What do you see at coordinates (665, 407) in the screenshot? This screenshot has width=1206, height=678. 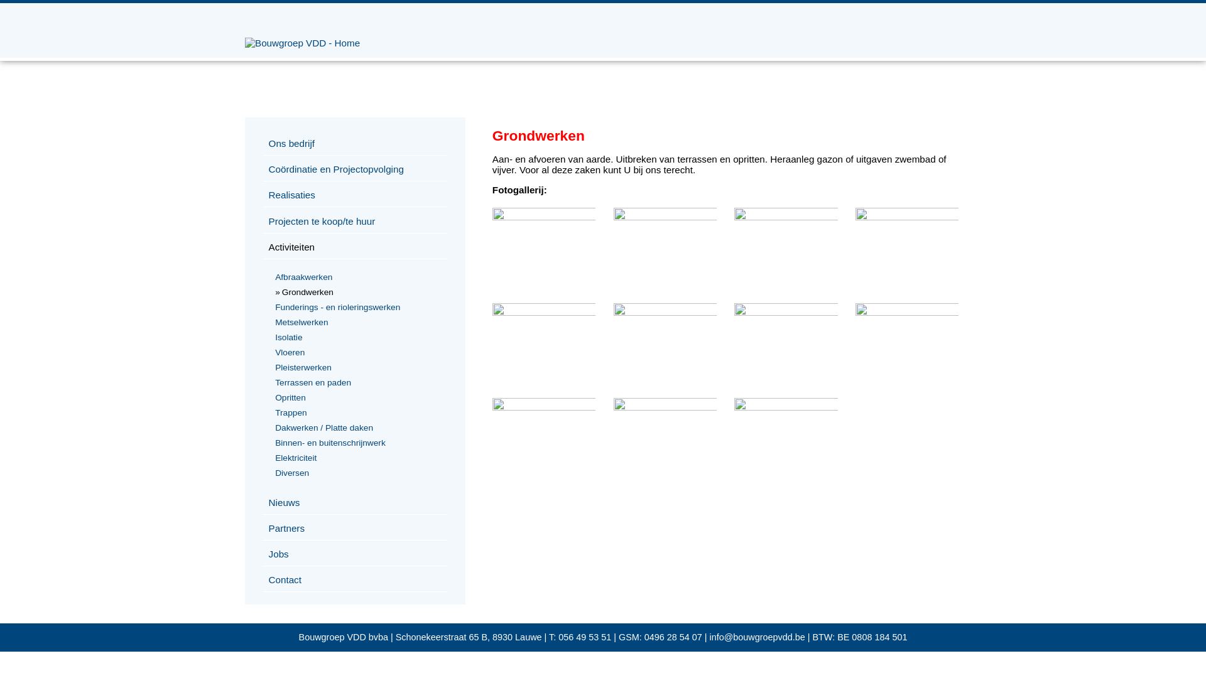 I see `'Grondwerken'` at bounding box center [665, 407].